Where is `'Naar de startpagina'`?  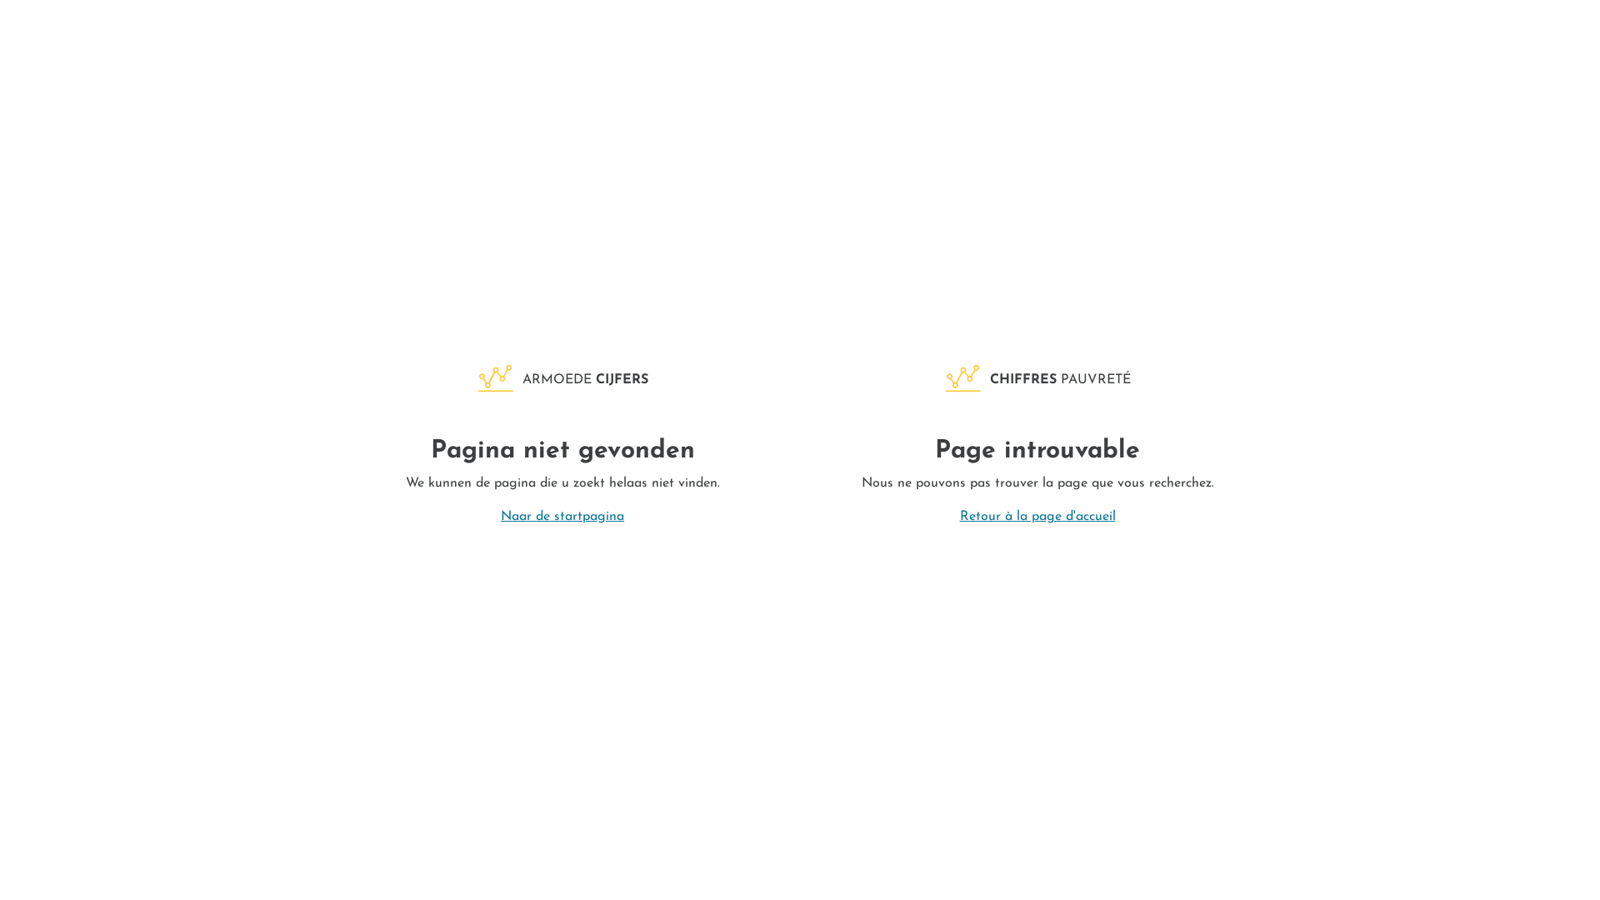 'Naar de startpagina' is located at coordinates (499, 516).